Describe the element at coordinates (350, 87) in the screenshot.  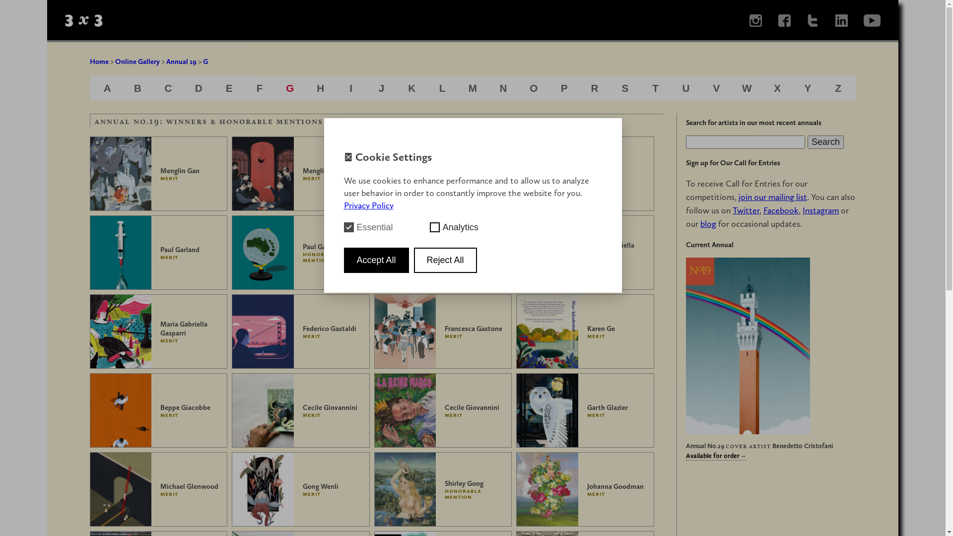
I see `'I'` at that location.